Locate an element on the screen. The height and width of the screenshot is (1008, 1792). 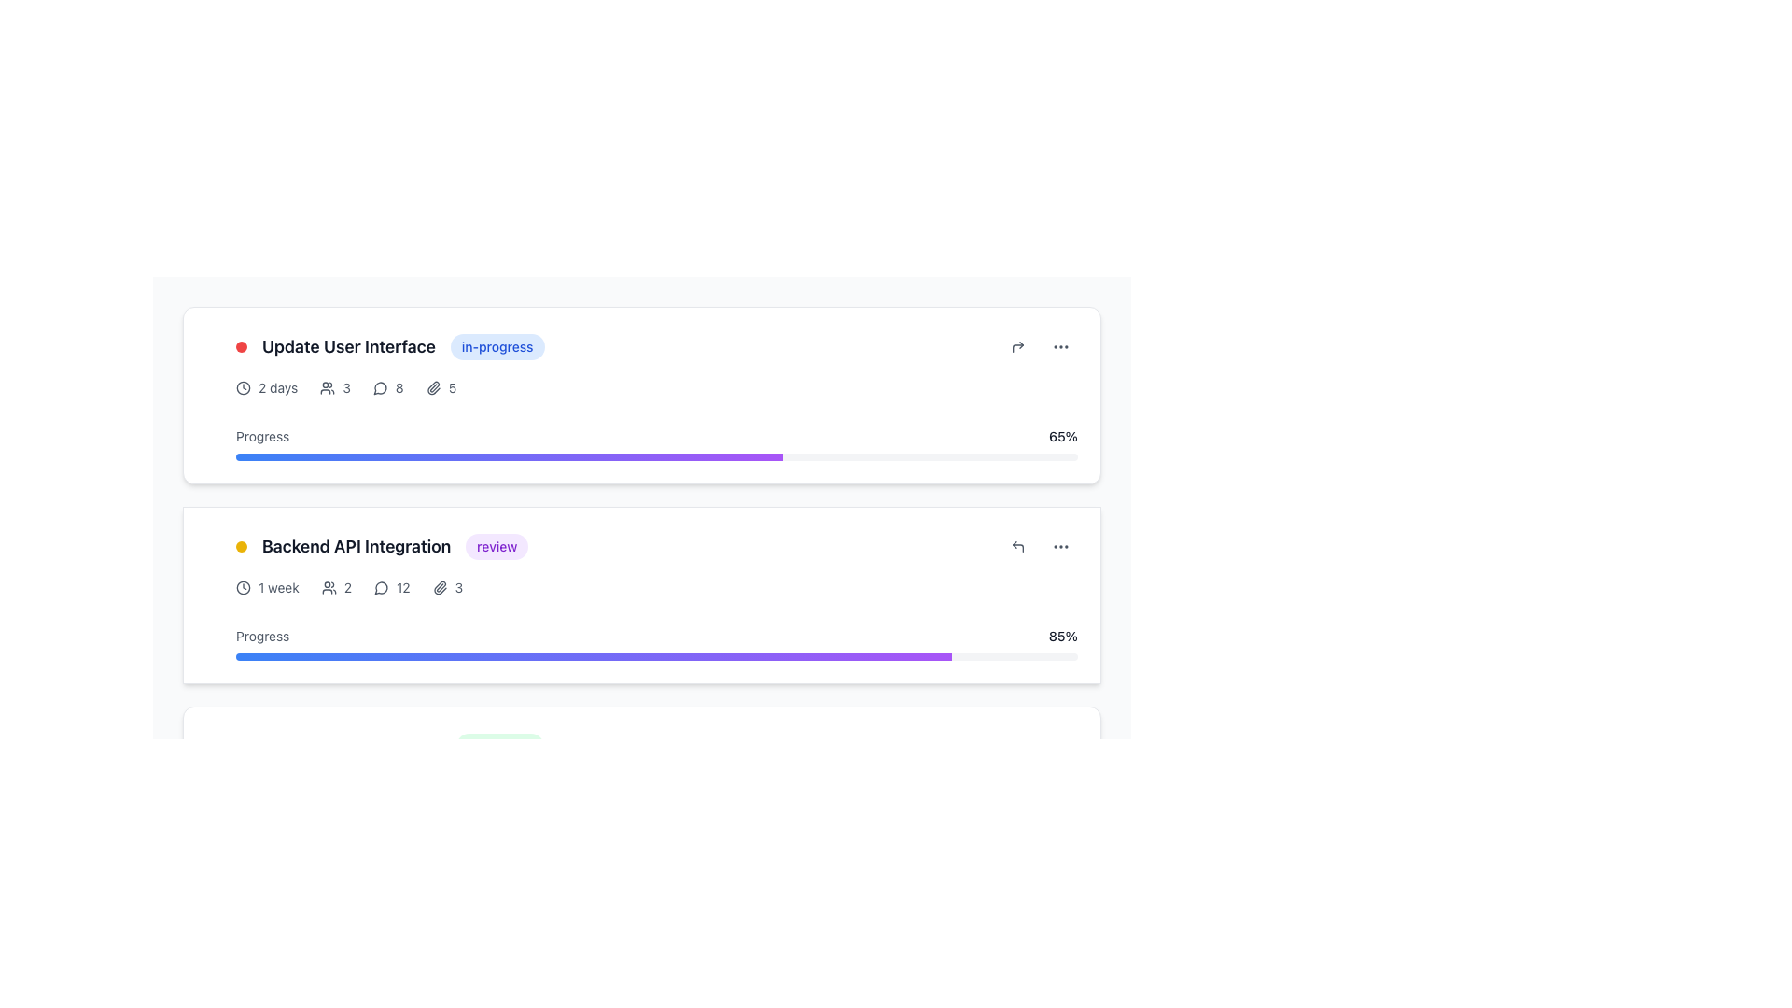
the Card Header Element with the title 'Update User Interface' and the label 'in-progress', which is the first task item in the vertical sequence of task cards is located at coordinates (389, 346).